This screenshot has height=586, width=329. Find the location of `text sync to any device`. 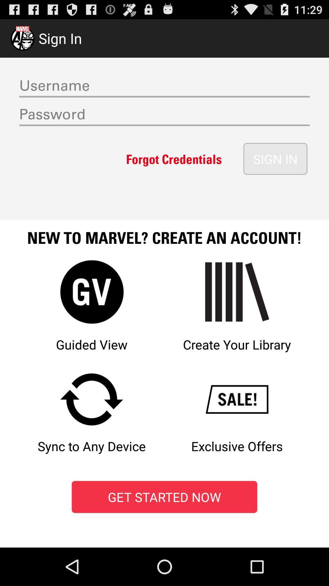

text sync to any device is located at coordinates (92, 420).